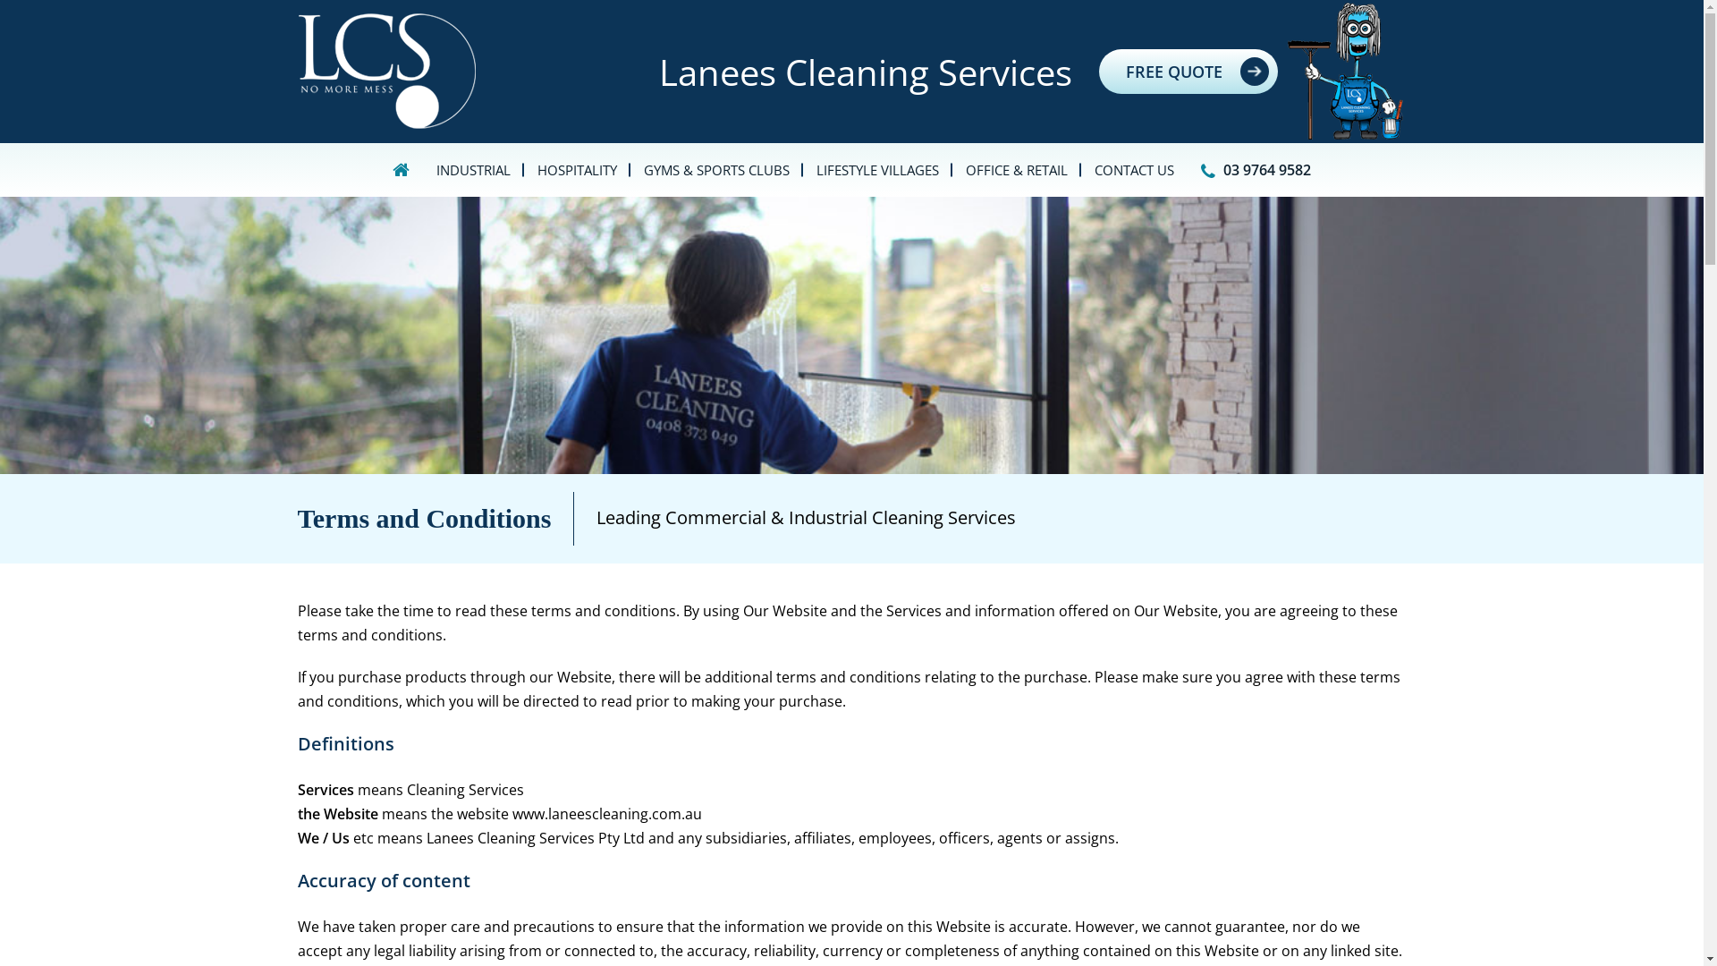 The height and width of the screenshot is (966, 1717). What do you see at coordinates (1017, 169) in the screenshot?
I see `'OFFICE & RETAIL'` at bounding box center [1017, 169].